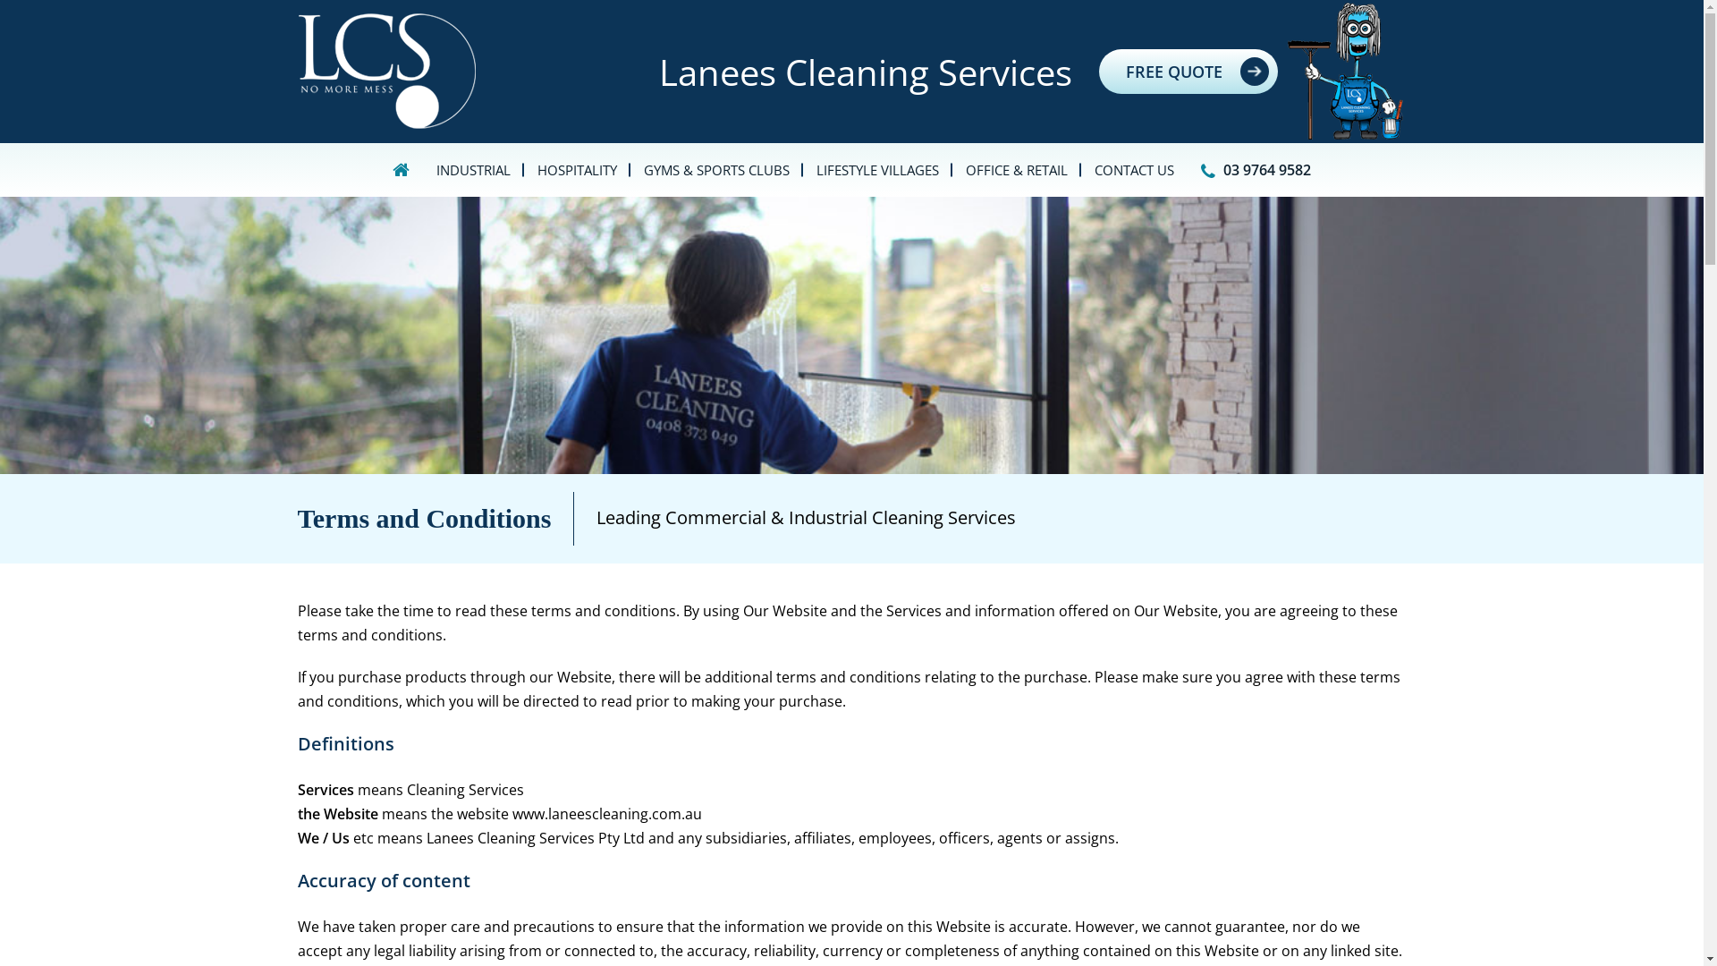 The height and width of the screenshot is (966, 1717). What do you see at coordinates (1017, 169) in the screenshot?
I see `'OFFICE & RETAIL'` at bounding box center [1017, 169].